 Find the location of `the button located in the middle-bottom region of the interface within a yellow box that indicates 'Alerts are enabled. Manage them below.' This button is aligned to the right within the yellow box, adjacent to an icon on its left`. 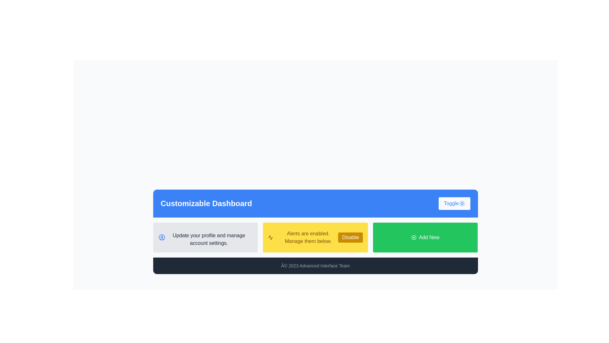

the button located in the middle-bottom region of the interface within a yellow box that indicates 'Alerts are enabled. Manage them below.' This button is aligned to the right within the yellow box, adjacent to an icon on its left is located at coordinates (350, 238).